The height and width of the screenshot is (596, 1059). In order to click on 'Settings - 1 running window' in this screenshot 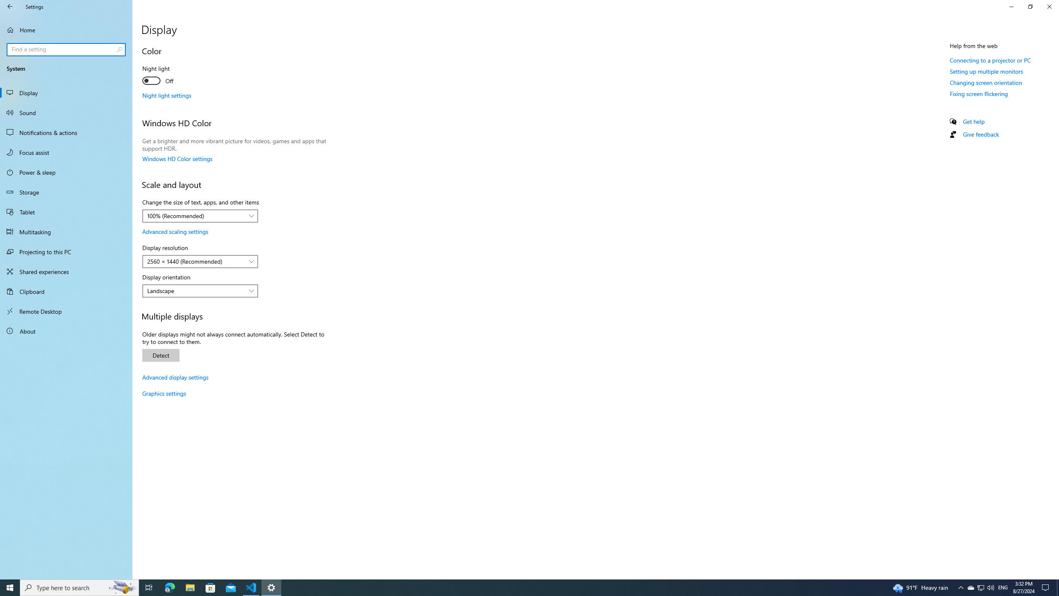, I will do `click(271, 587)`.